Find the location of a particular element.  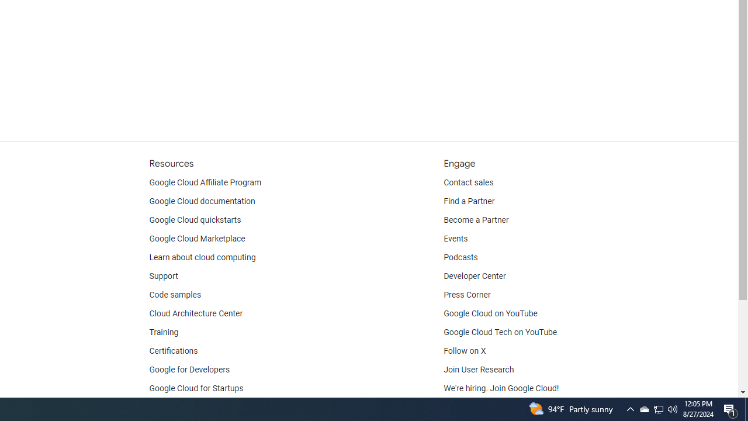

'Become a Partner' is located at coordinates (476, 220).